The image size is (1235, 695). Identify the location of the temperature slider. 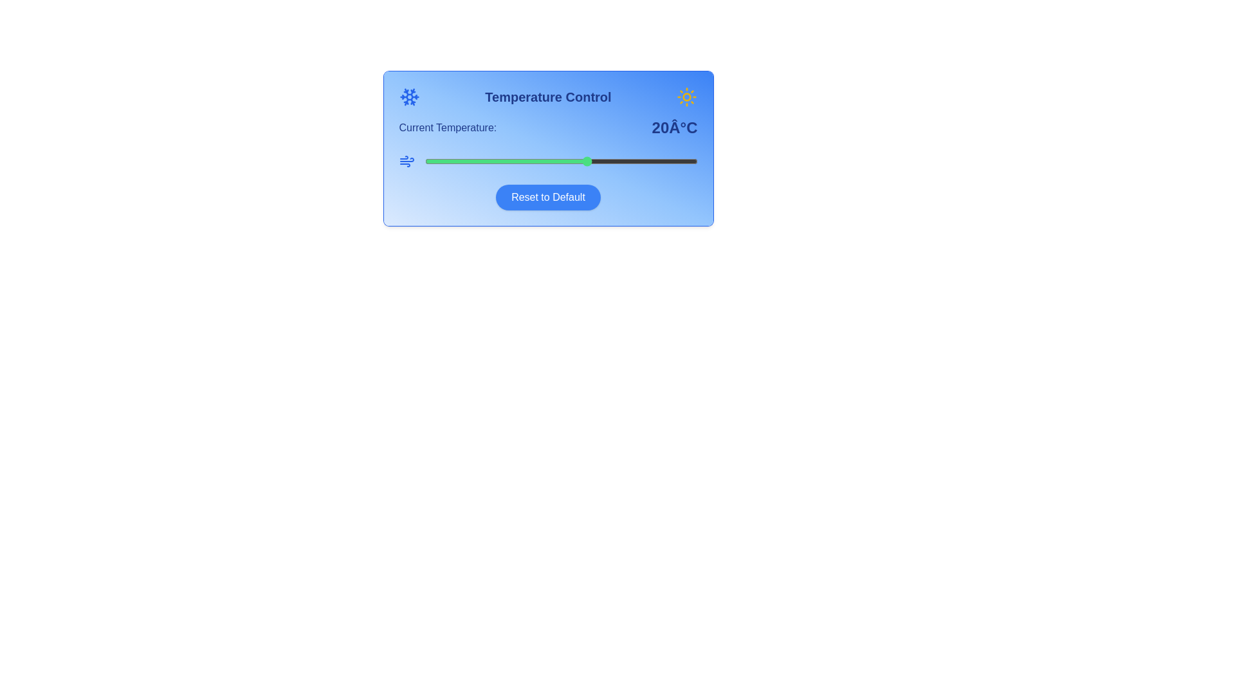
(468, 160).